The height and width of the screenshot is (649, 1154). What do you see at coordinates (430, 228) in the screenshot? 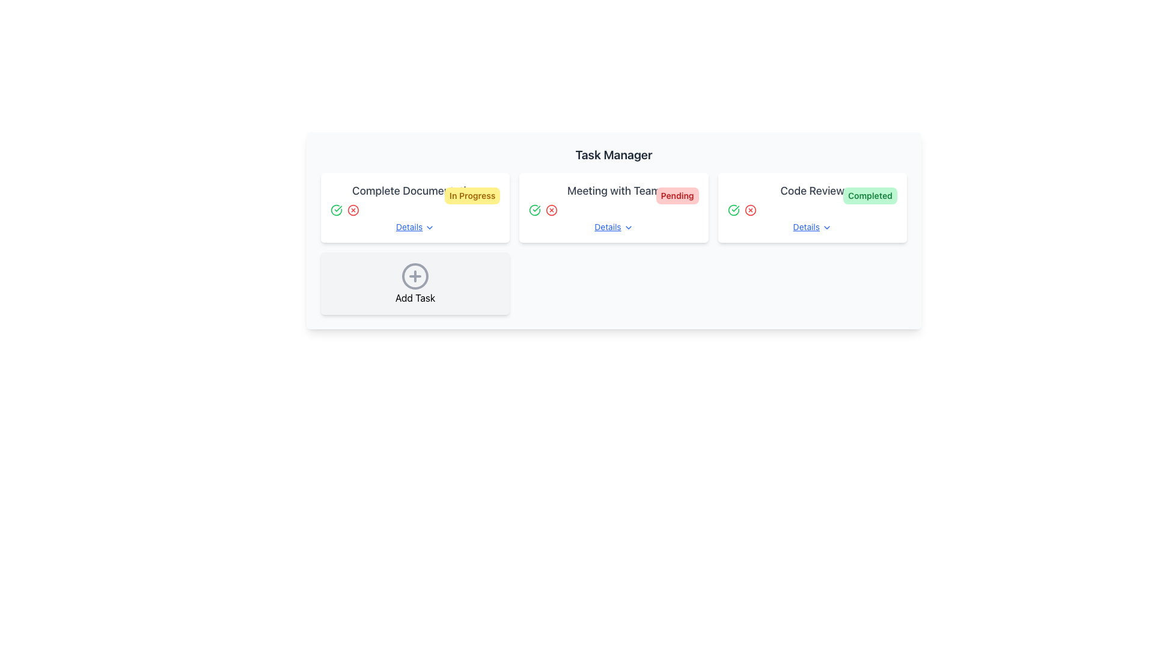
I see `the downward-facing chevron arrow icon next to the 'Details' label in the task card titled 'Complete Document'` at bounding box center [430, 228].